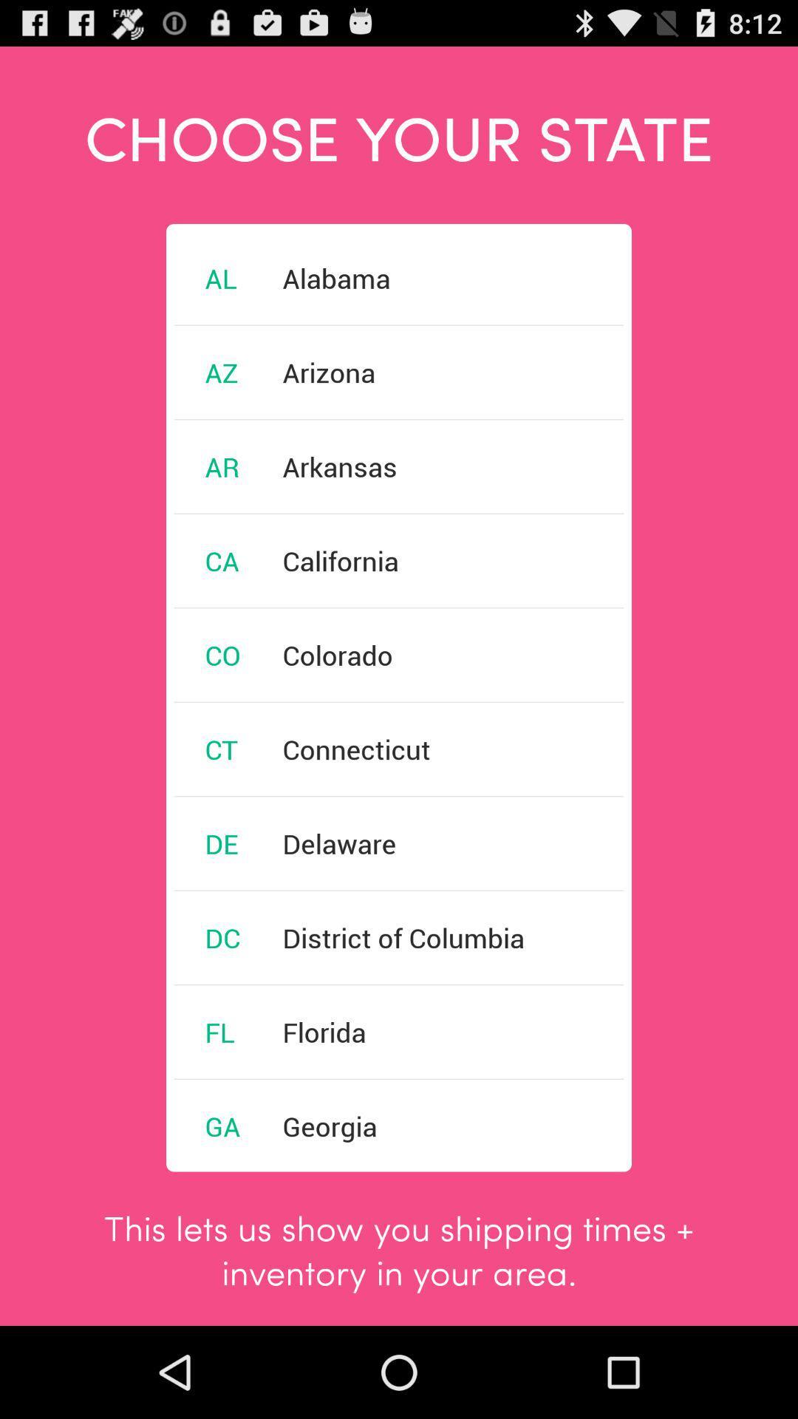  Describe the element at coordinates (339, 843) in the screenshot. I see `the icon below the connecticut` at that location.